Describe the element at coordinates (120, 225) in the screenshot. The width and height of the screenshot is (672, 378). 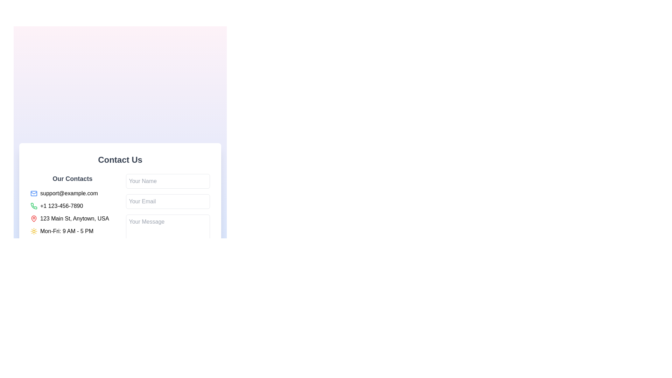
I see `contact information displayed in the 'Our Contacts' section of the contact form area, which includes email, phone number, physical address, and office hours` at that location.